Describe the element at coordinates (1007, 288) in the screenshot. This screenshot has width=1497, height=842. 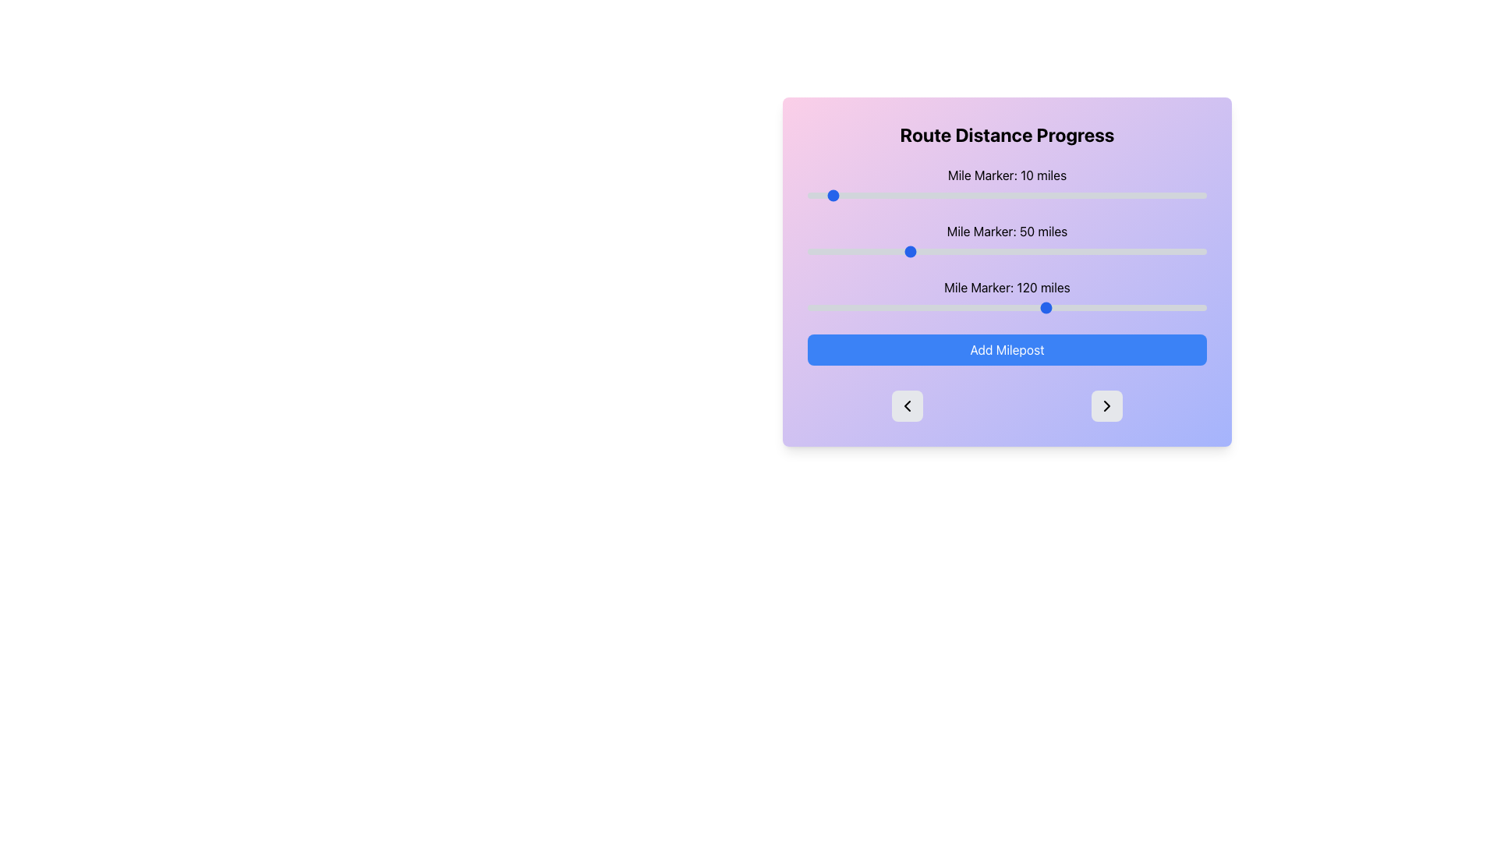
I see `the static text indicating a distance milestone of 120 miles, located above the corresponding progress slider in the 'Route Distance Progress' card` at that location.